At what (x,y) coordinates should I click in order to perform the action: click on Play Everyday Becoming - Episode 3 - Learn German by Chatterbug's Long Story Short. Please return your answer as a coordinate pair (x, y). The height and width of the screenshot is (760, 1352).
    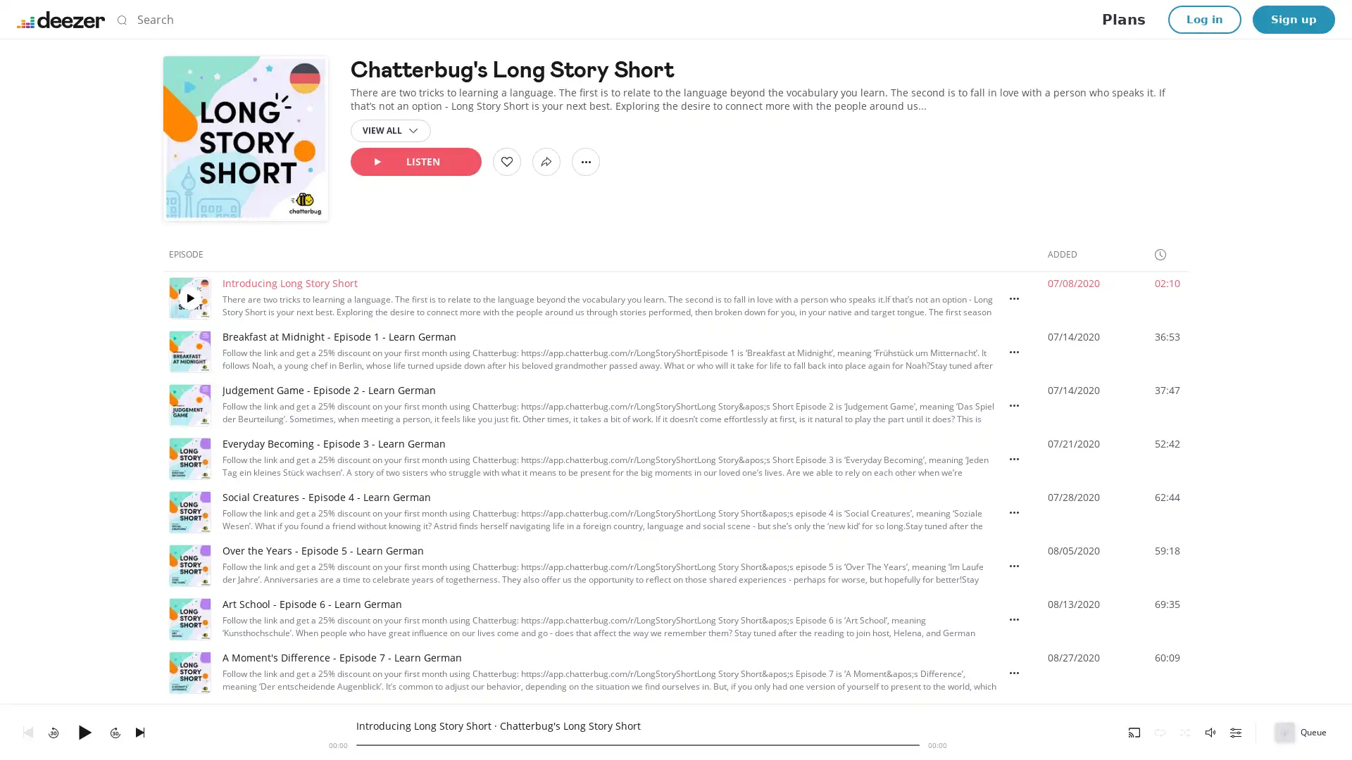
    Looking at the image, I should click on (189, 458).